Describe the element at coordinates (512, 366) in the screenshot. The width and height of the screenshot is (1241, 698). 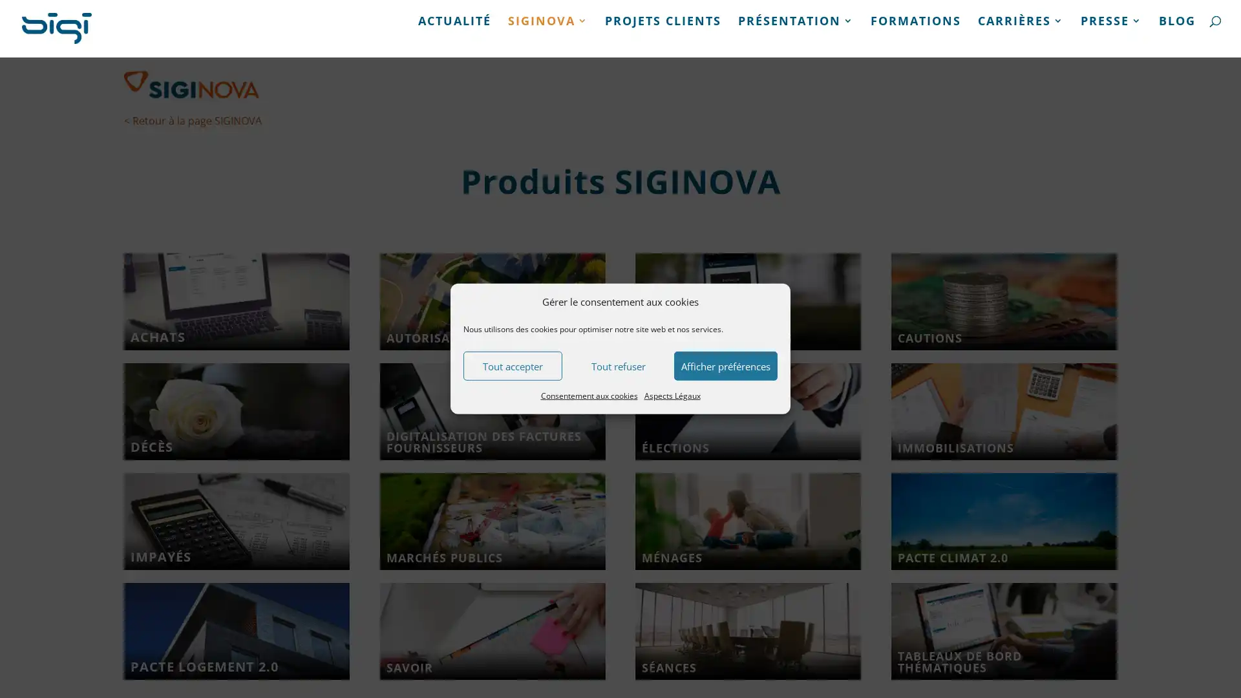
I see `Tout accepter` at that location.